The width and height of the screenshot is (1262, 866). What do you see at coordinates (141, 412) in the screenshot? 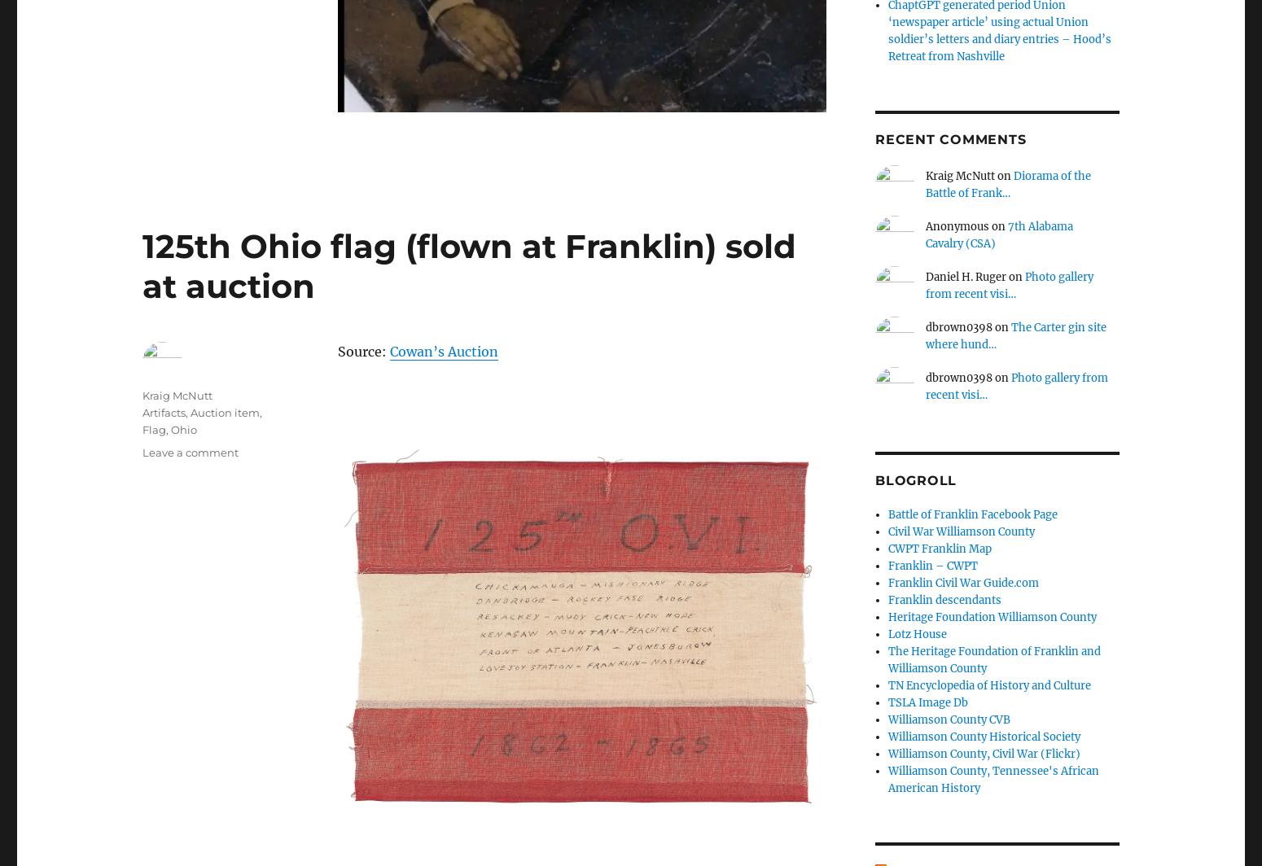
I see `'Artifacts'` at bounding box center [141, 412].